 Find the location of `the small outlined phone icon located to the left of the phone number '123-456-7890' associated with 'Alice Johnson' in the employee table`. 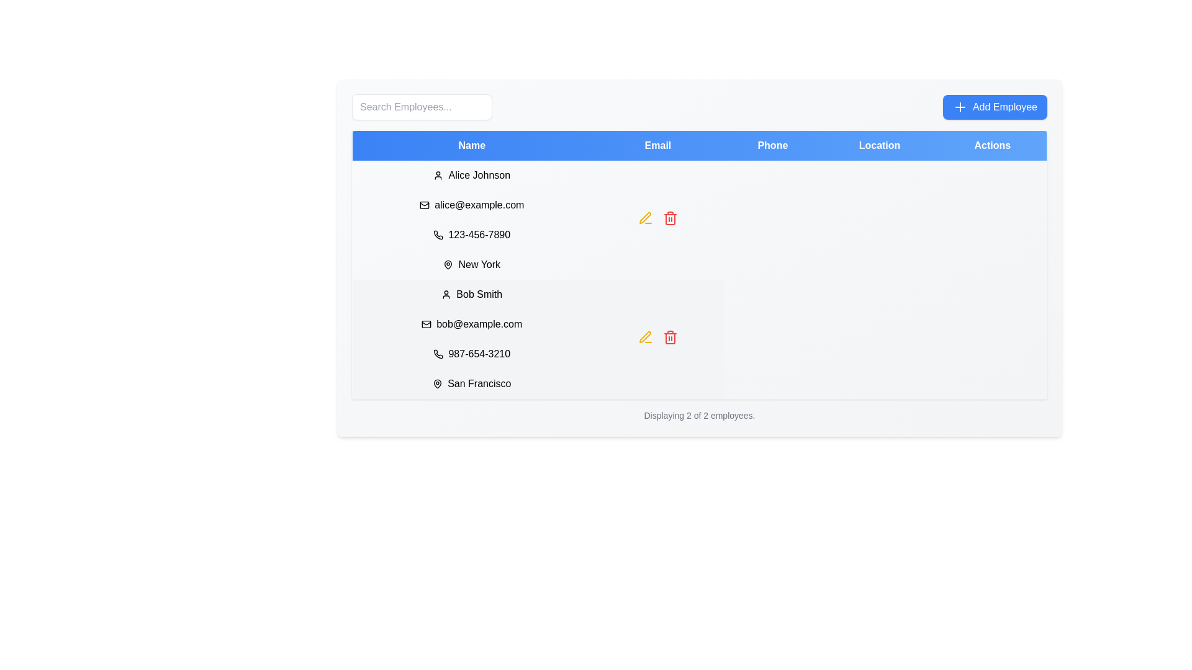

the small outlined phone icon located to the left of the phone number '123-456-7890' associated with 'Alice Johnson' in the employee table is located at coordinates (438, 234).